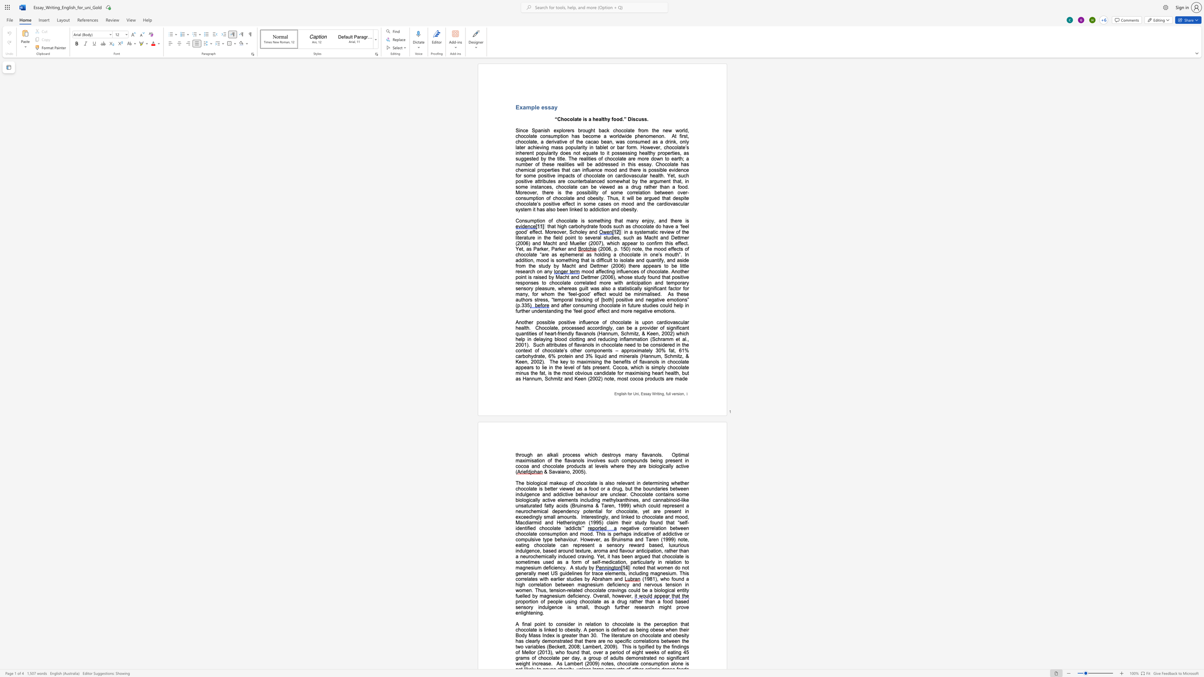 This screenshot has height=677, width=1204. I want to click on the space between the continuous character "g" and "e" in the text, so click(518, 573).